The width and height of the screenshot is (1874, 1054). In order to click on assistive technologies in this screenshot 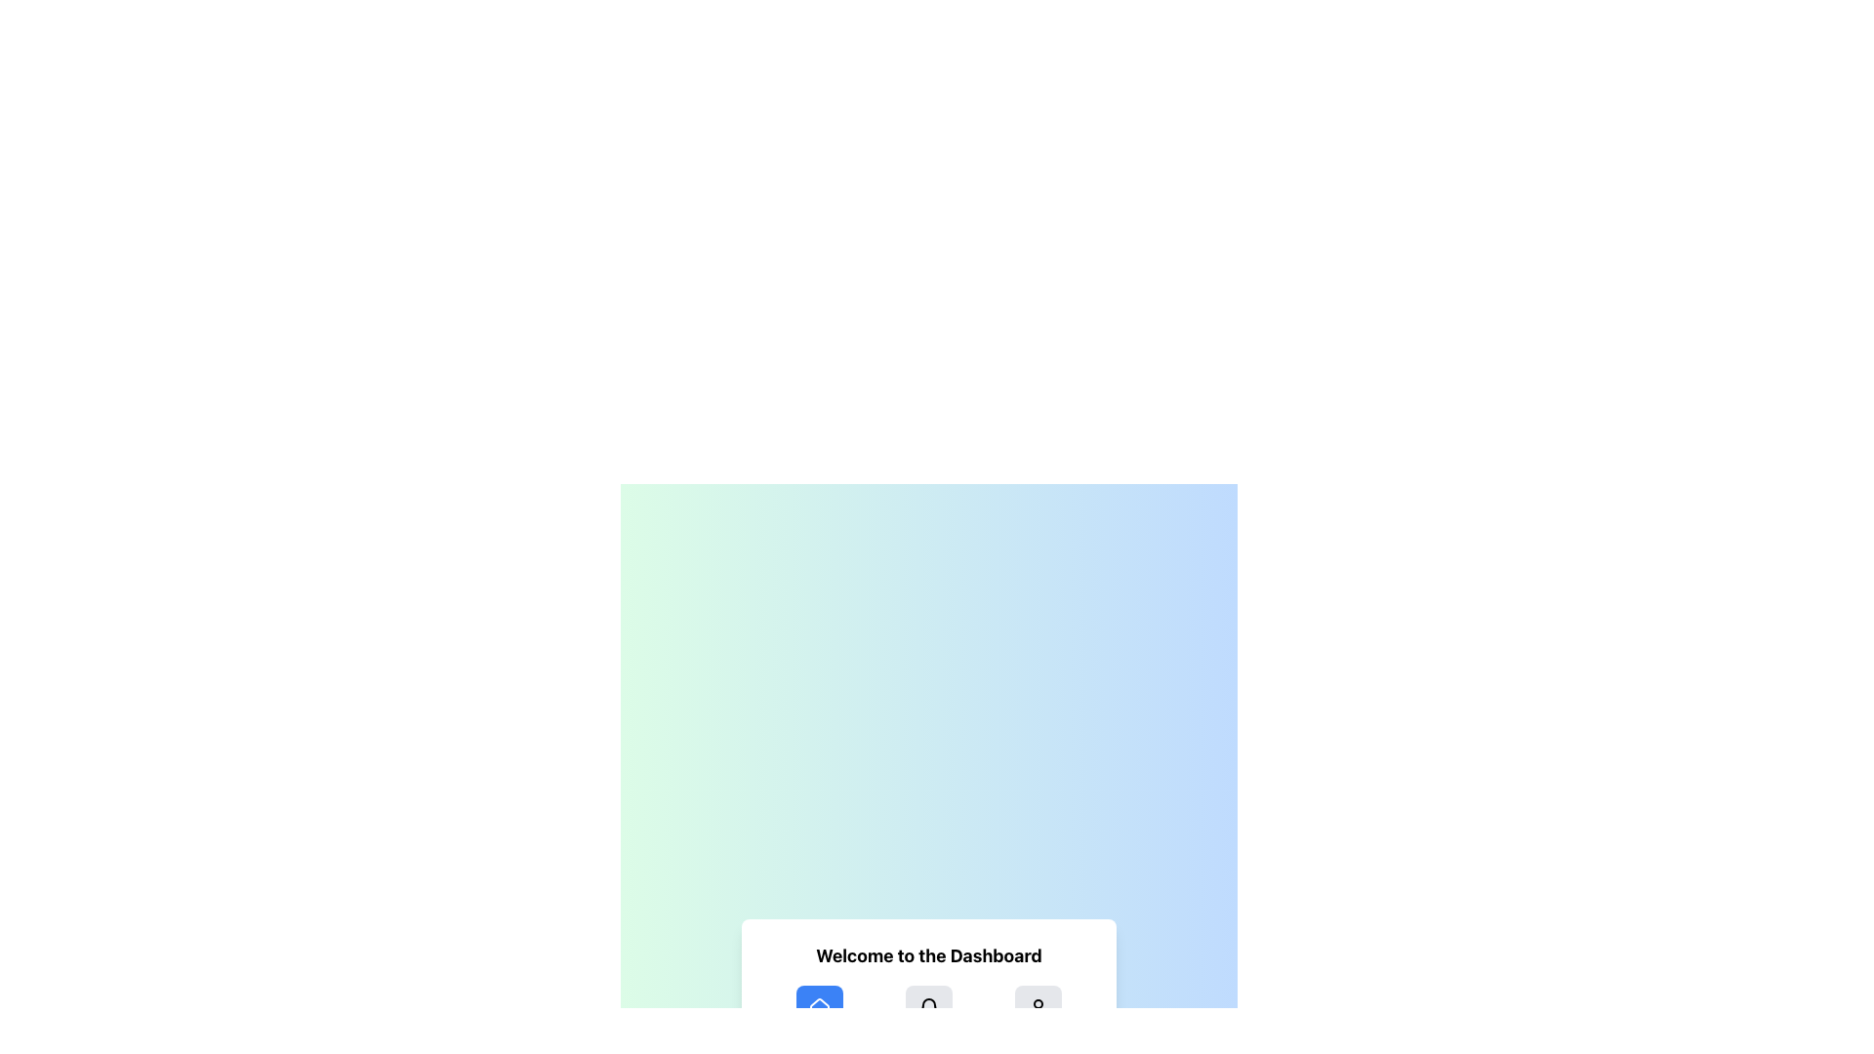, I will do `click(820, 1011)`.